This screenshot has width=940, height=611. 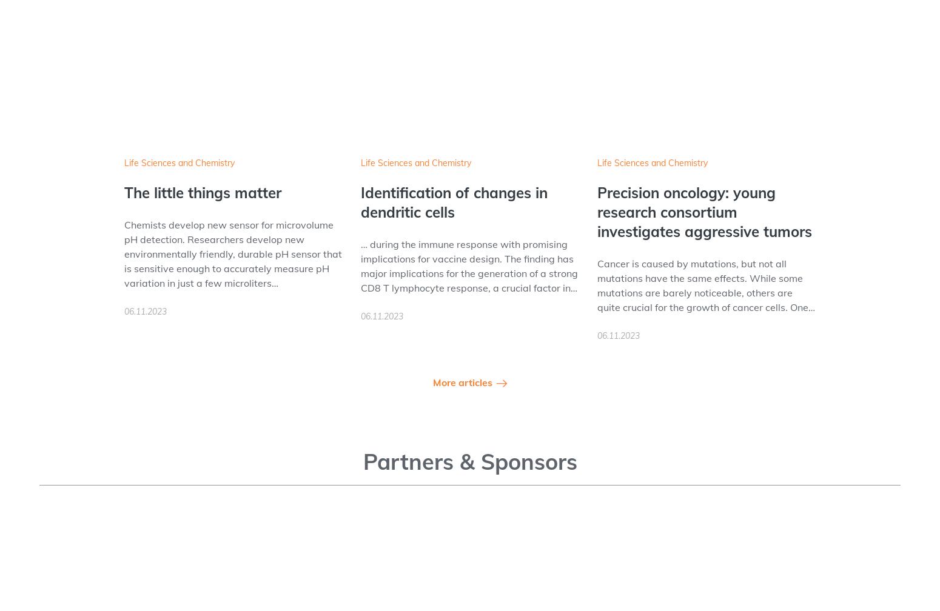 I want to click on 'Identification of changes in dendritic cells', so click(x=454, y=202).